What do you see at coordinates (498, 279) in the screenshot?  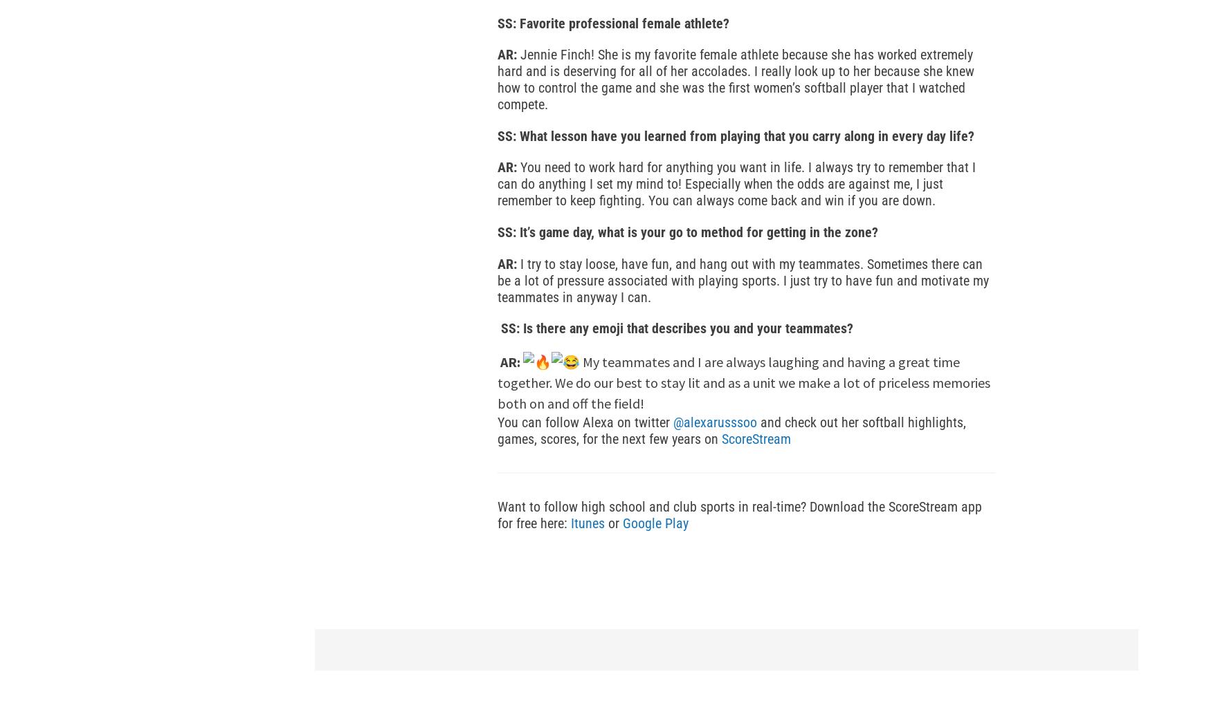 I see `'I try to stay loose, have fun, and hang out with my teammates. Sometimes there can be a lot of pressure associated with playing sports. I just try to have fun and motivate my teammates in anyway I can.'` at bounding box center [498, 279].